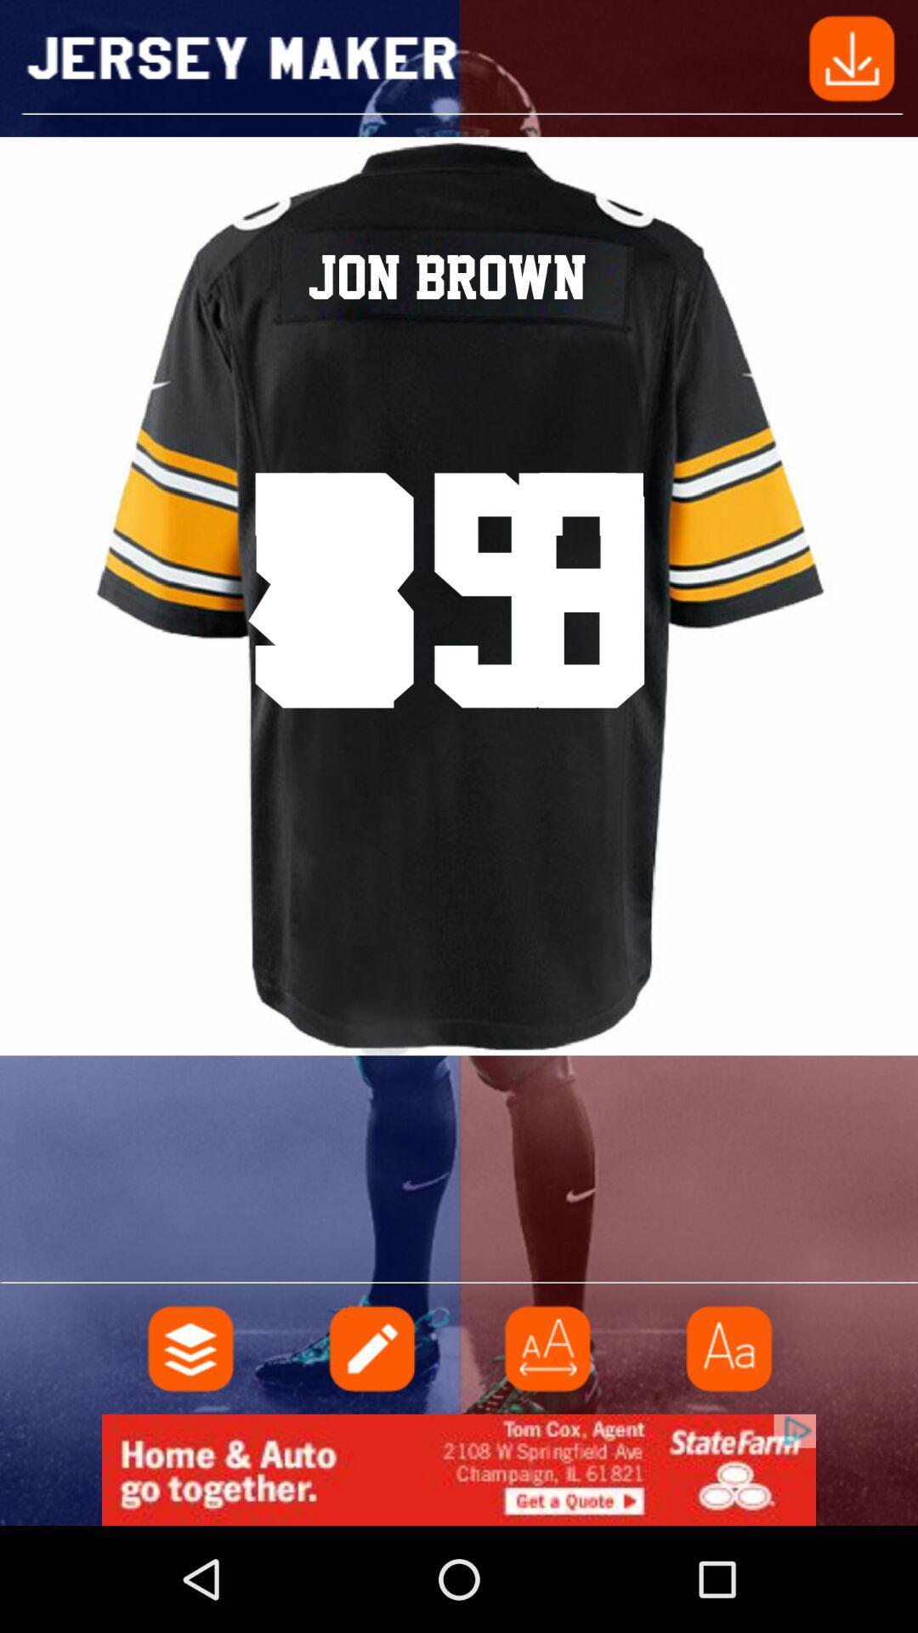 This screenshot has width=918, height=1633. I want to click on share the article, so click(852, 57).